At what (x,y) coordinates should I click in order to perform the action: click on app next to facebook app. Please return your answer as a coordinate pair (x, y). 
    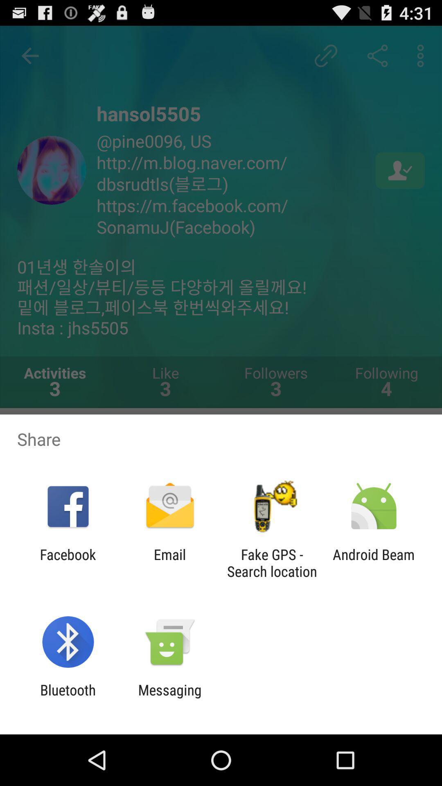
    Looking at the image, I should click on (169, 562).